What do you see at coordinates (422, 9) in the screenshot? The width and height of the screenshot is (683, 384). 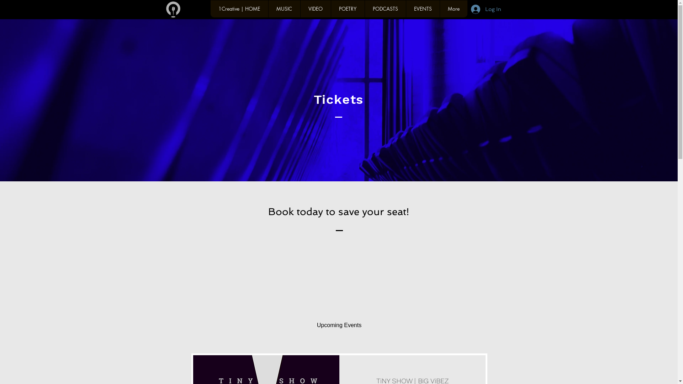 I see `'EVENTS'` at bounding box center [422, 9].